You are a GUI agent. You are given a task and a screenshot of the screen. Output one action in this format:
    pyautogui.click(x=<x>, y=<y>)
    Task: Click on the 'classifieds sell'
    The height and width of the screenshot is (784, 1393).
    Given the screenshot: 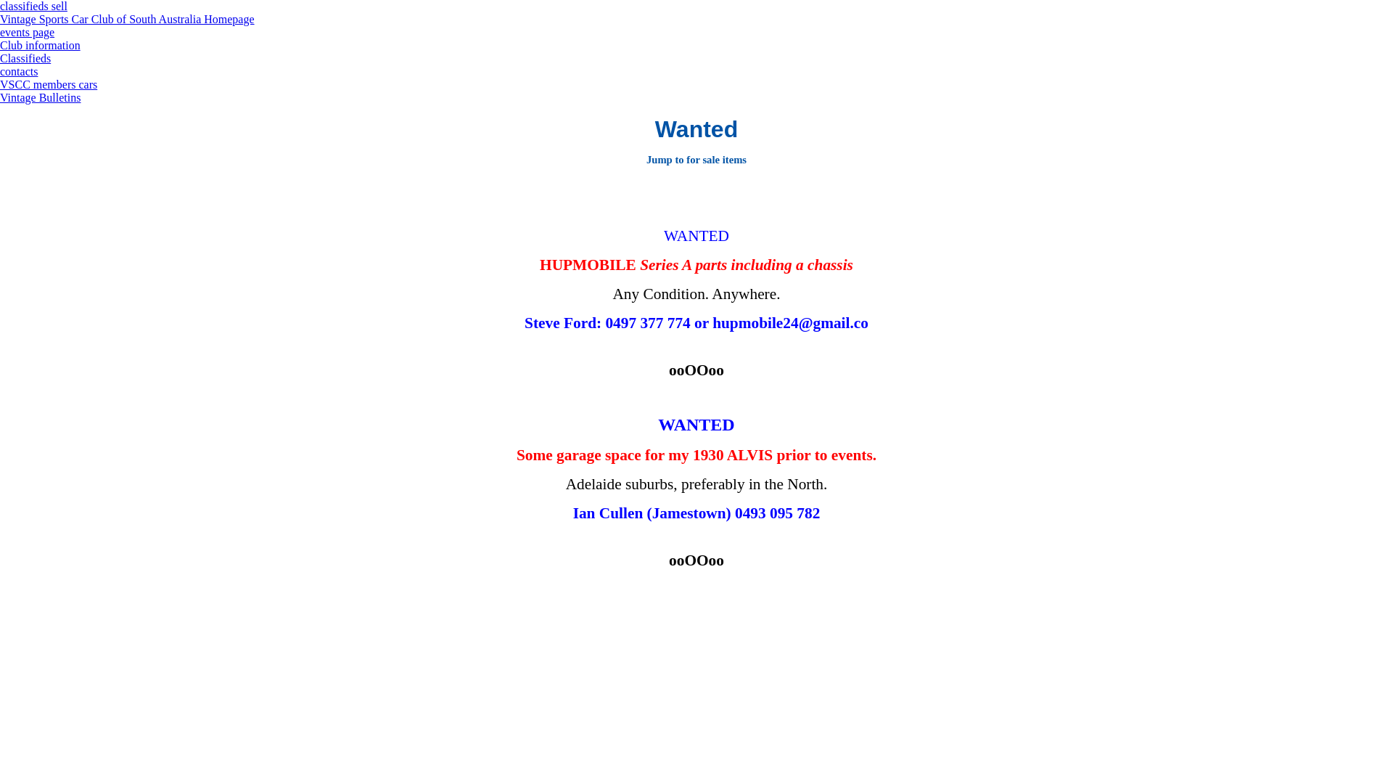 What is the action you would take?
    pyautogui.click(x=33, y=6)
    